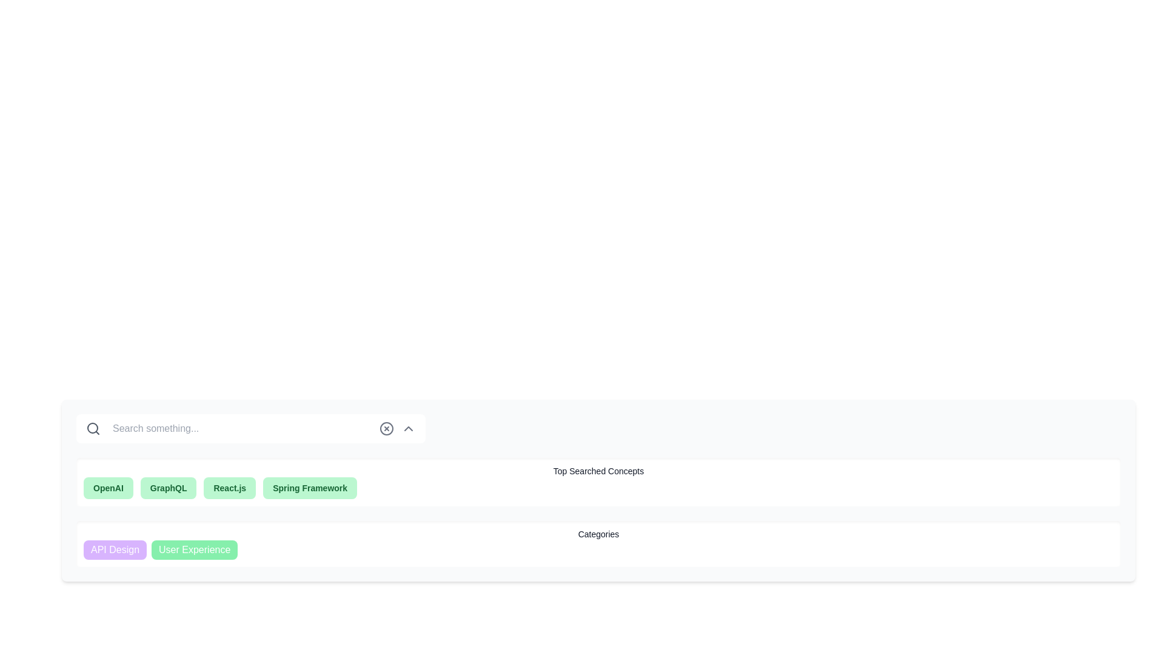 This screenshot has width=1164, height=655. What do you see at coordinates (115, 549) in the screenshot?
I see `the first label or badge in the horizontal group of buttons at the bottom of the page, located to the left of the green 'User Experience' button` at bounding box center [115, 549].